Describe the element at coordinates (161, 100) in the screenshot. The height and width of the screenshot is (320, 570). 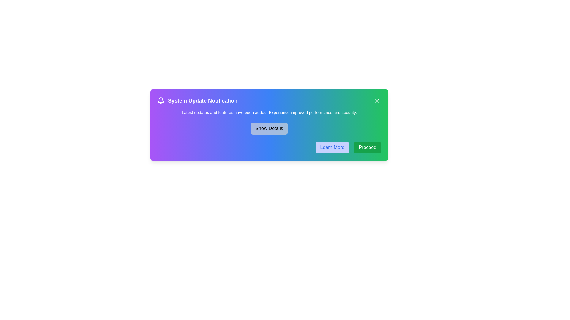
I see `the notification bell icon located at the top-left corner of the notification component` at that location.